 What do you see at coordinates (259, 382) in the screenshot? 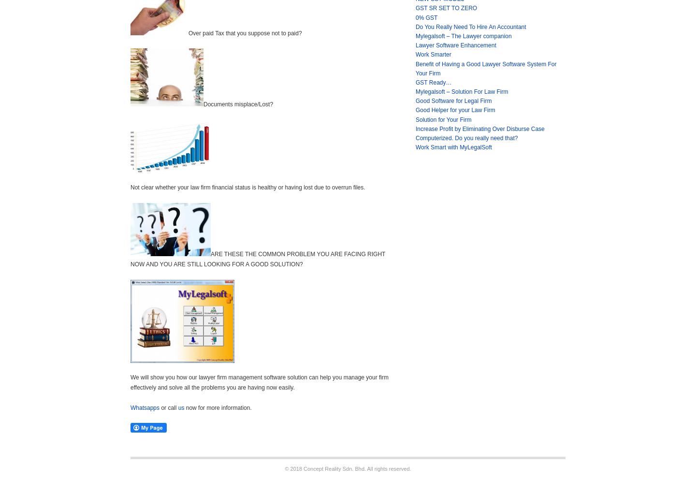
I see `'We will show you how our lawyer firm management software solution can help you manage your firm effectively and solve all the problems you are having now easily.'` at bounding box center [259, 382].